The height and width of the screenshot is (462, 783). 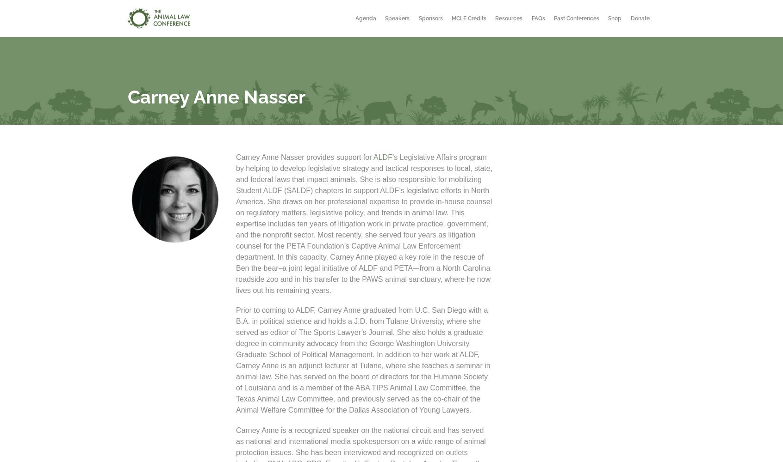 What do you see at coordinates (304, 157) in the screenshot?
I see `'Carney Anne Nasser provides support for'` at bounding box center [304, 157].